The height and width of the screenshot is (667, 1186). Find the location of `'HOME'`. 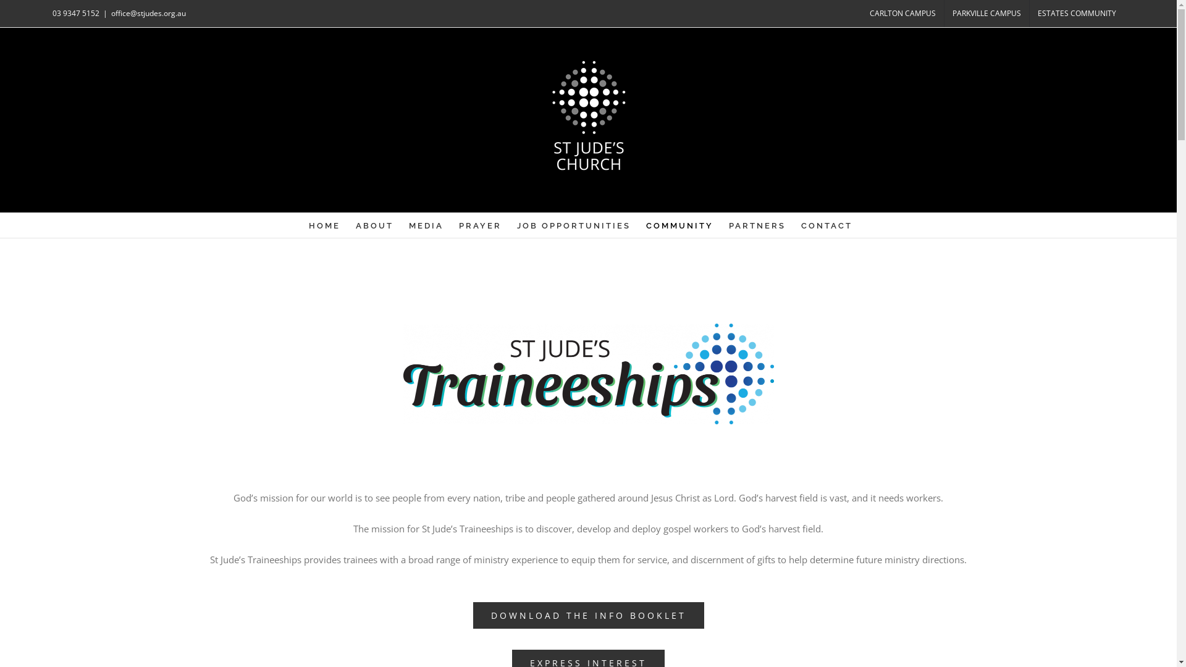

'HOME' is located at coordinates (324, 225).